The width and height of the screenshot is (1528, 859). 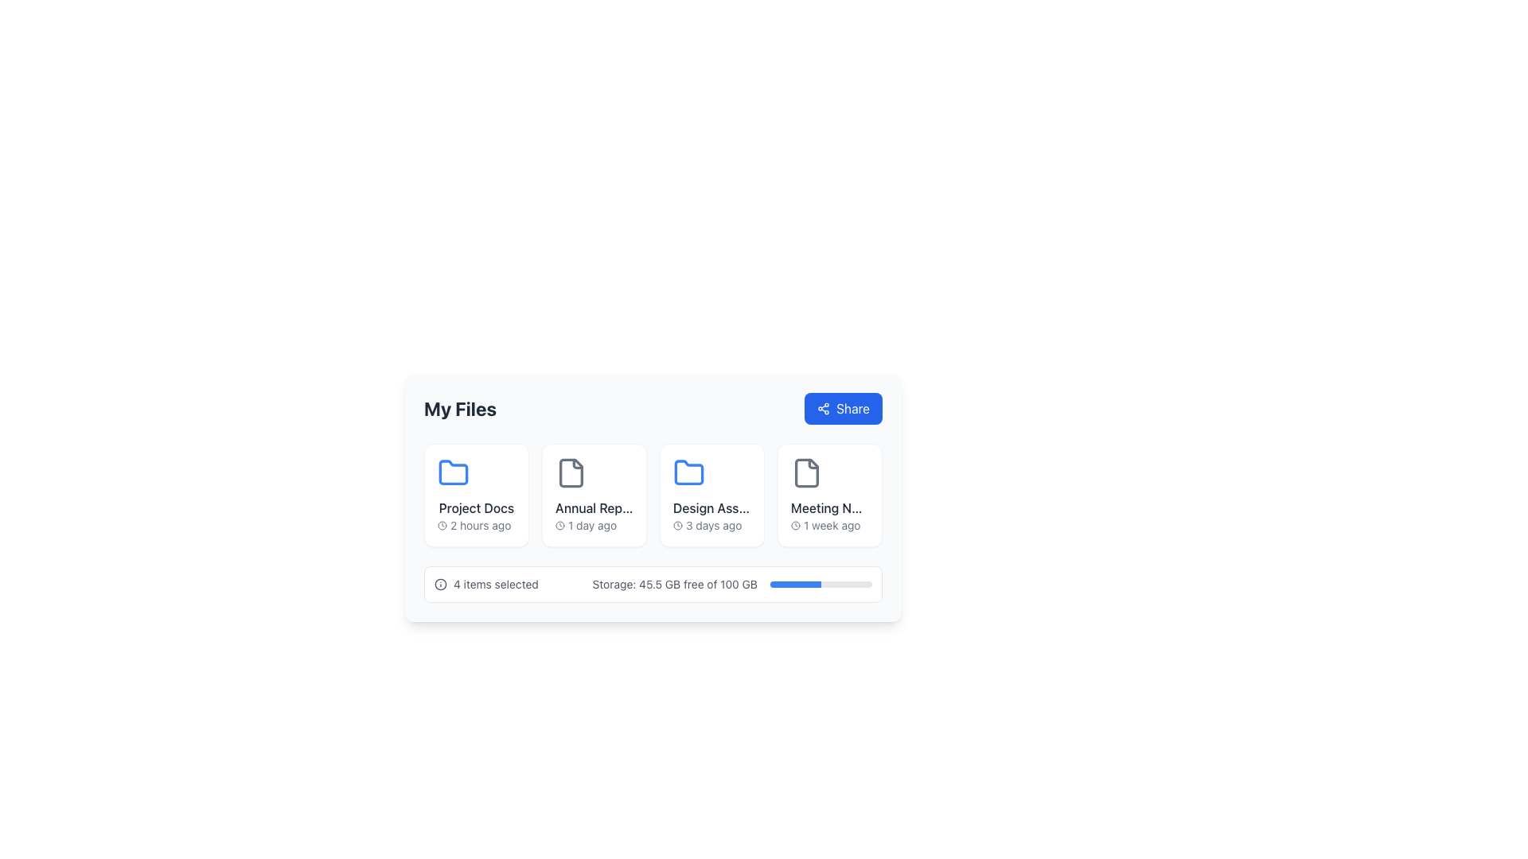 I want to click on the blue folder icon located on the third card, so click(x=688, y=472).